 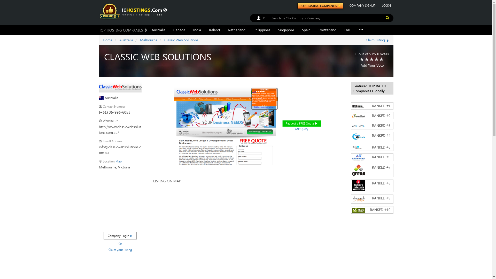 What do you see at coordinates (372, 115) in the screenshot?
I see `'RANKED #2'` at bounding box center [372, 115].